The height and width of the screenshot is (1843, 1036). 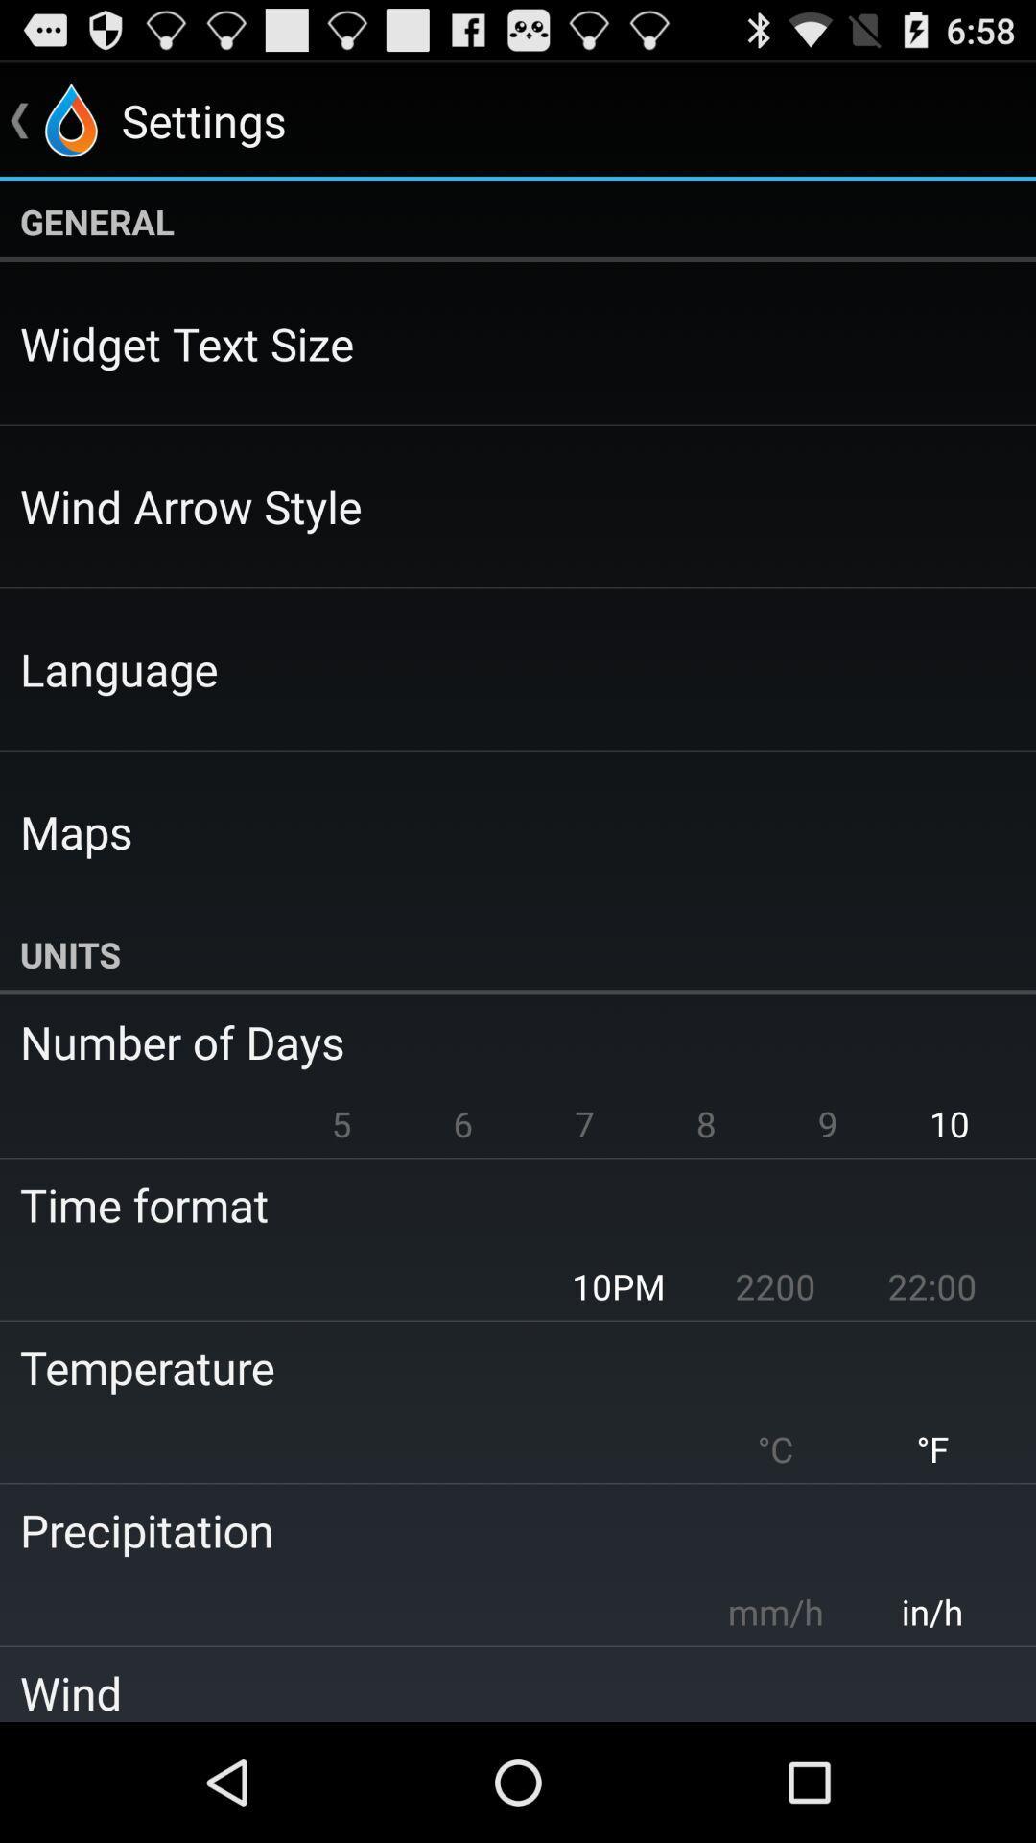 I want to click on 8, so click(x=706, y=1123).